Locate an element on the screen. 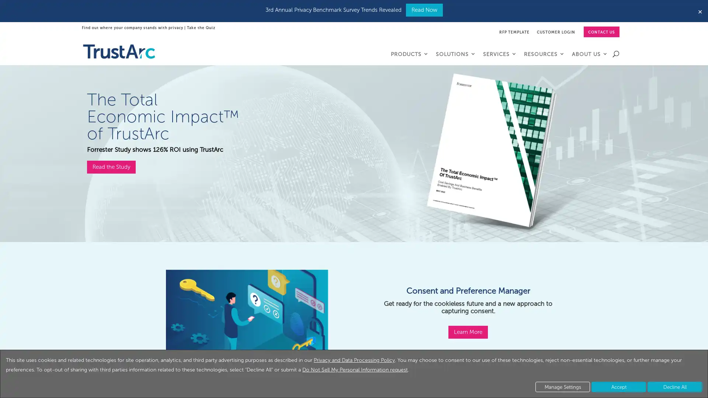  Decline All is located at coordinates (674, 386).